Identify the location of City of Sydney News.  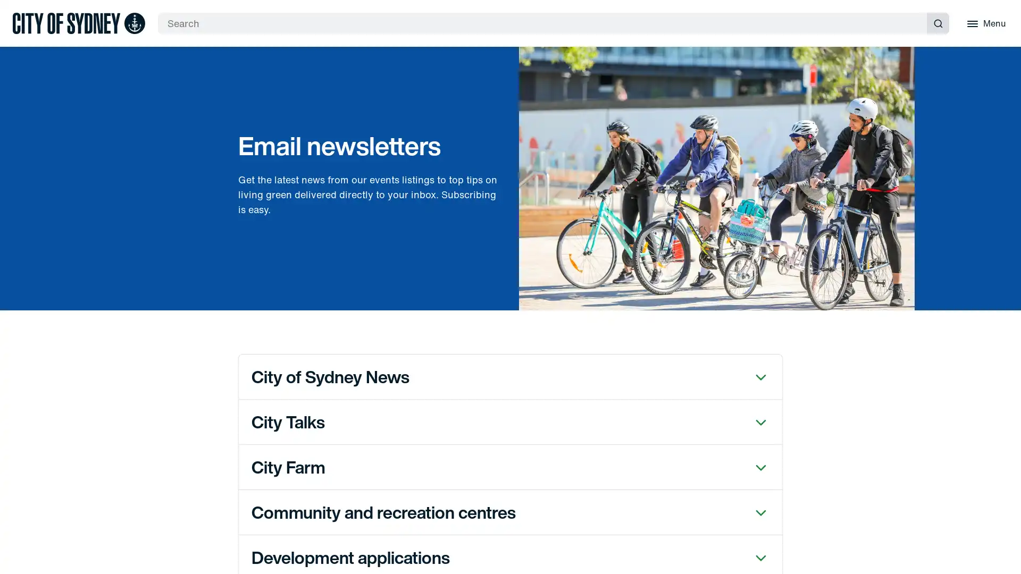
(510, 376).